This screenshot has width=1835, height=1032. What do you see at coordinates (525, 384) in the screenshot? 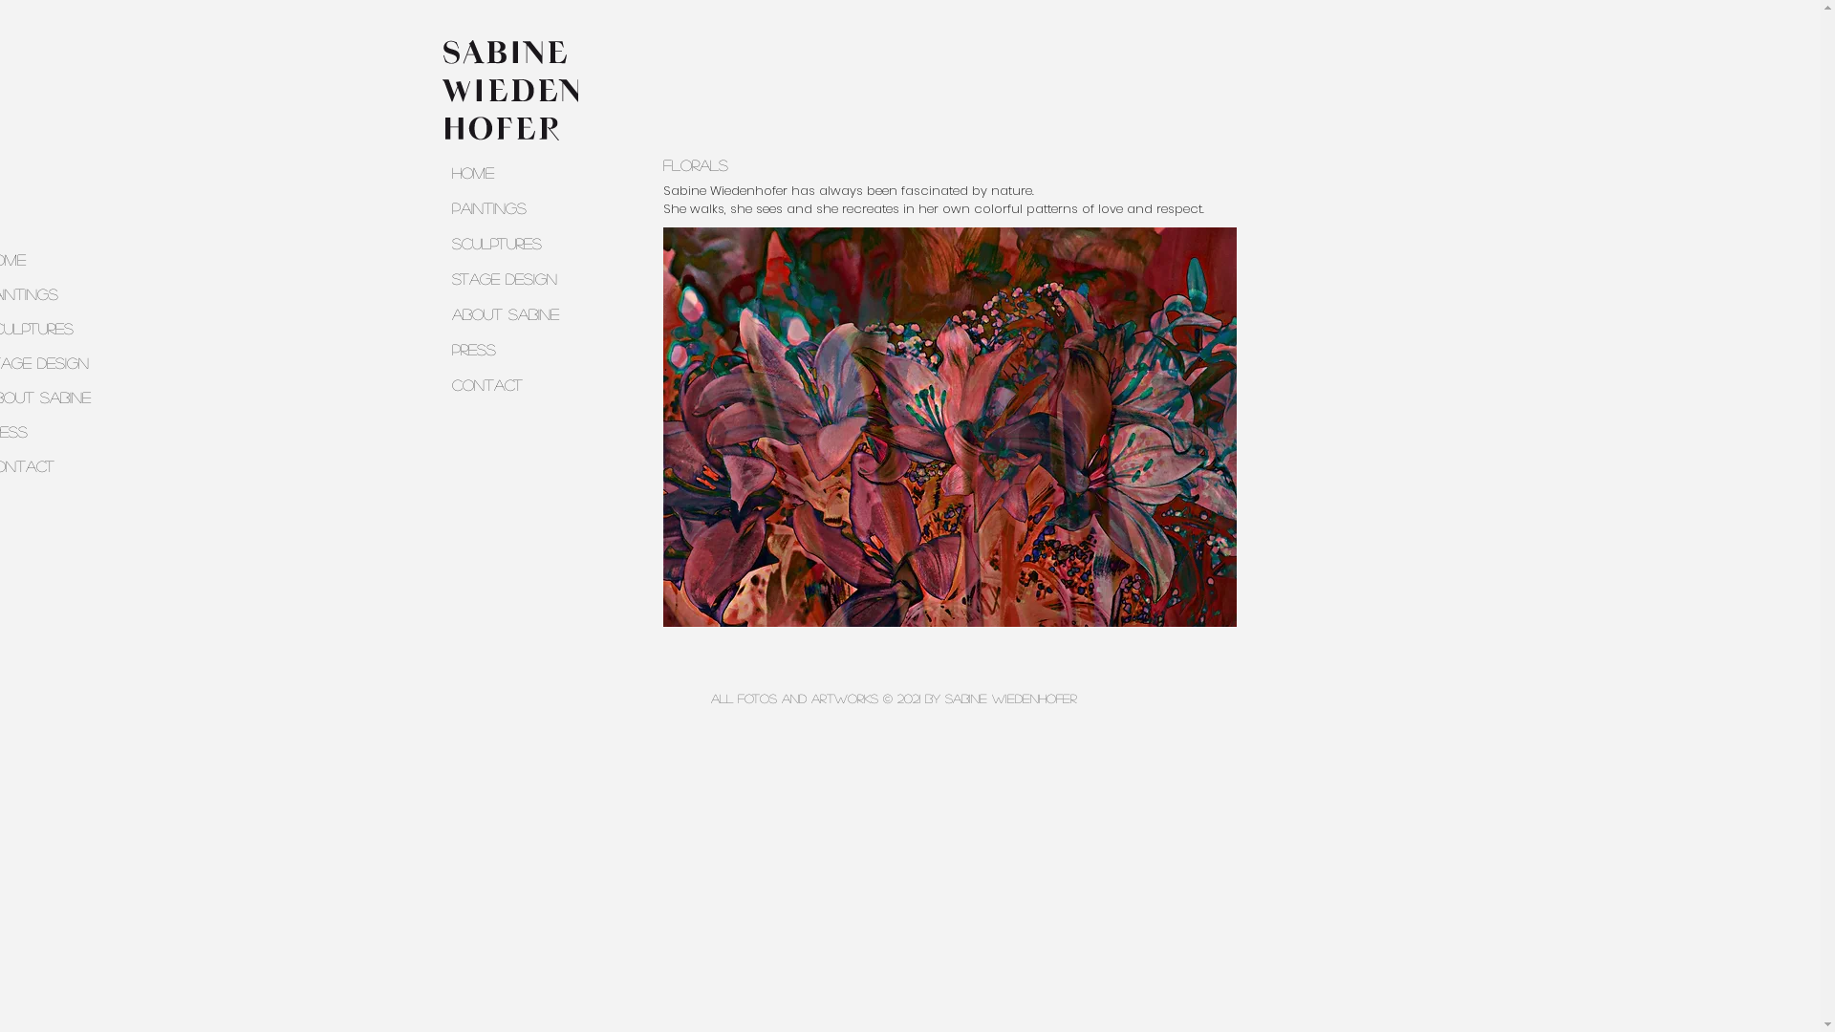
I see `'Contact'` at bounding box center [525, 384].